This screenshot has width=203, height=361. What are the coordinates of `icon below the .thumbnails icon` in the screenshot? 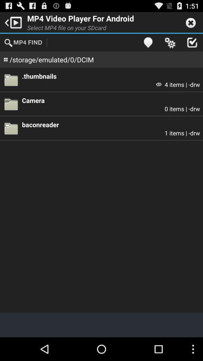 It's located at (158, 84).